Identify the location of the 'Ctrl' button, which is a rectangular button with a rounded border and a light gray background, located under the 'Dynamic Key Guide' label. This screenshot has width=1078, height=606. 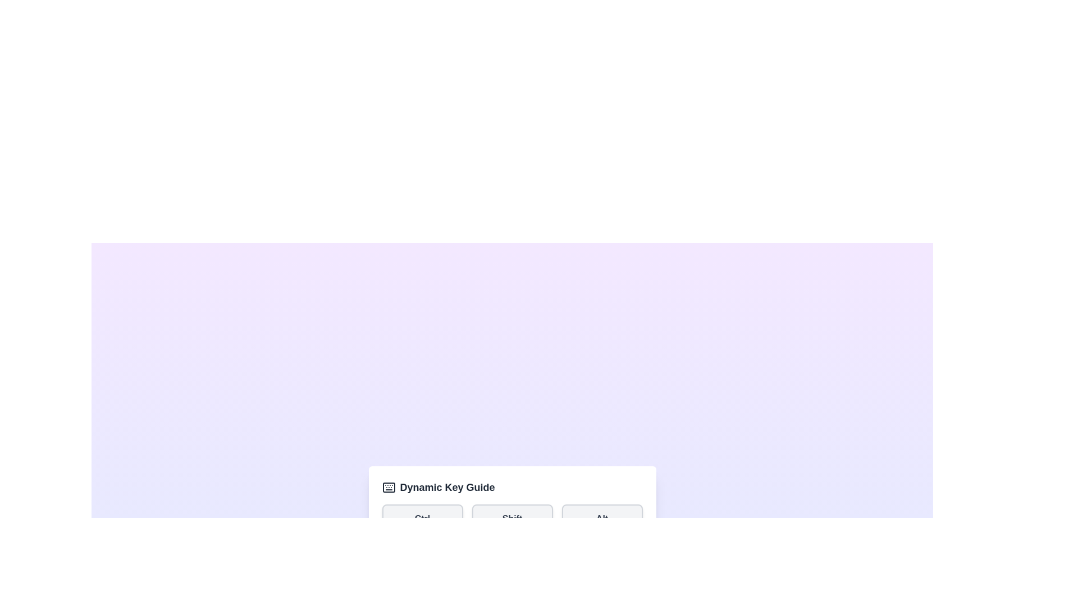
(422, 519).